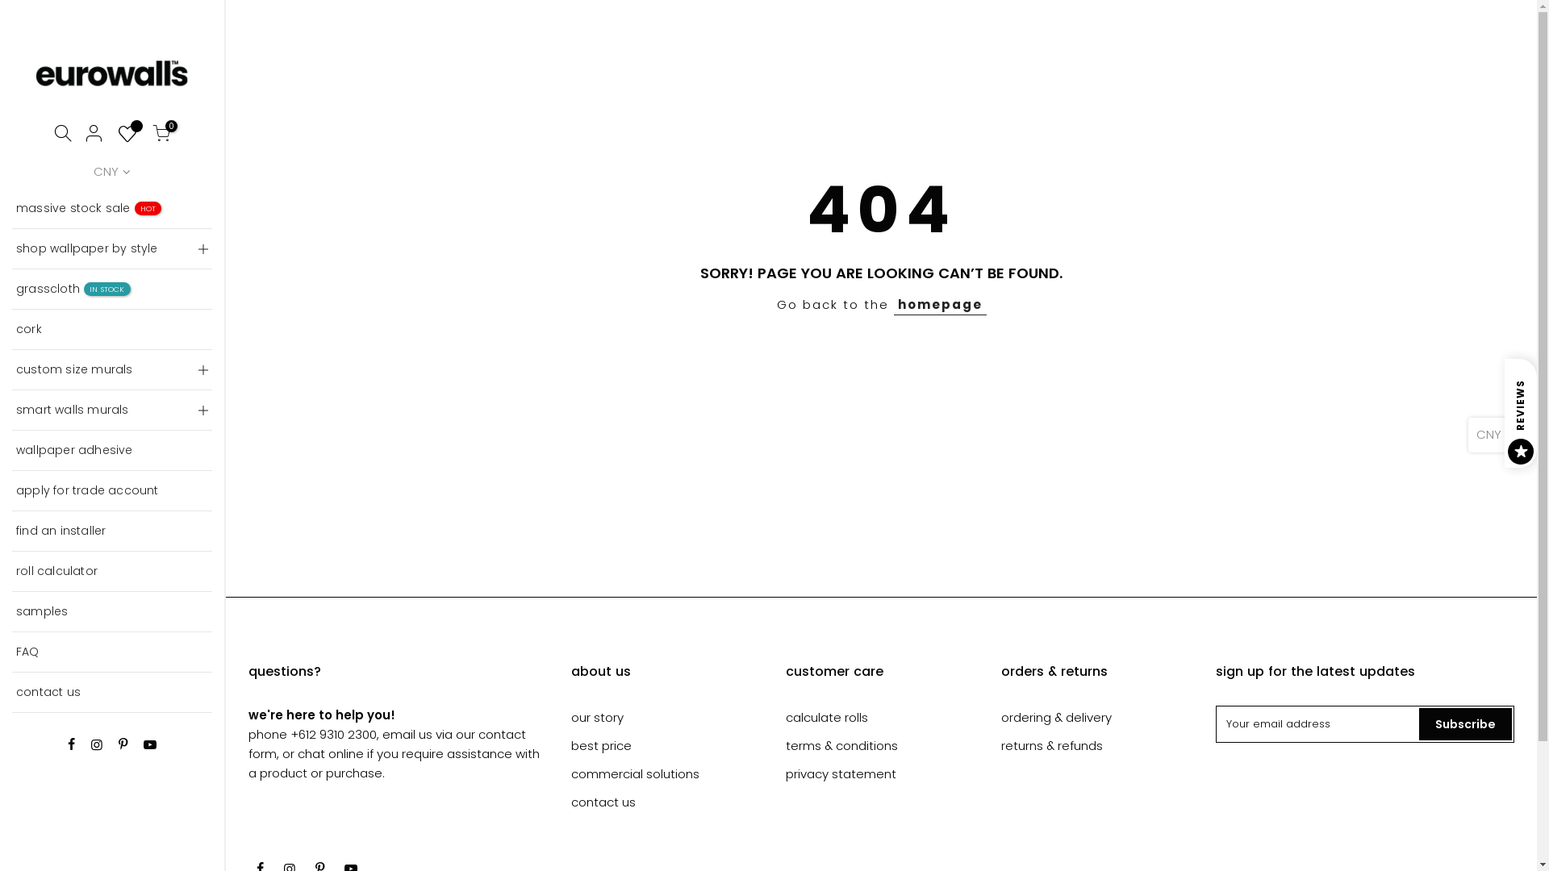  What do you see at coordinates (841, 745) in the screenshot?
I see `'terms & conditions'` at bounding box center [841, 745].